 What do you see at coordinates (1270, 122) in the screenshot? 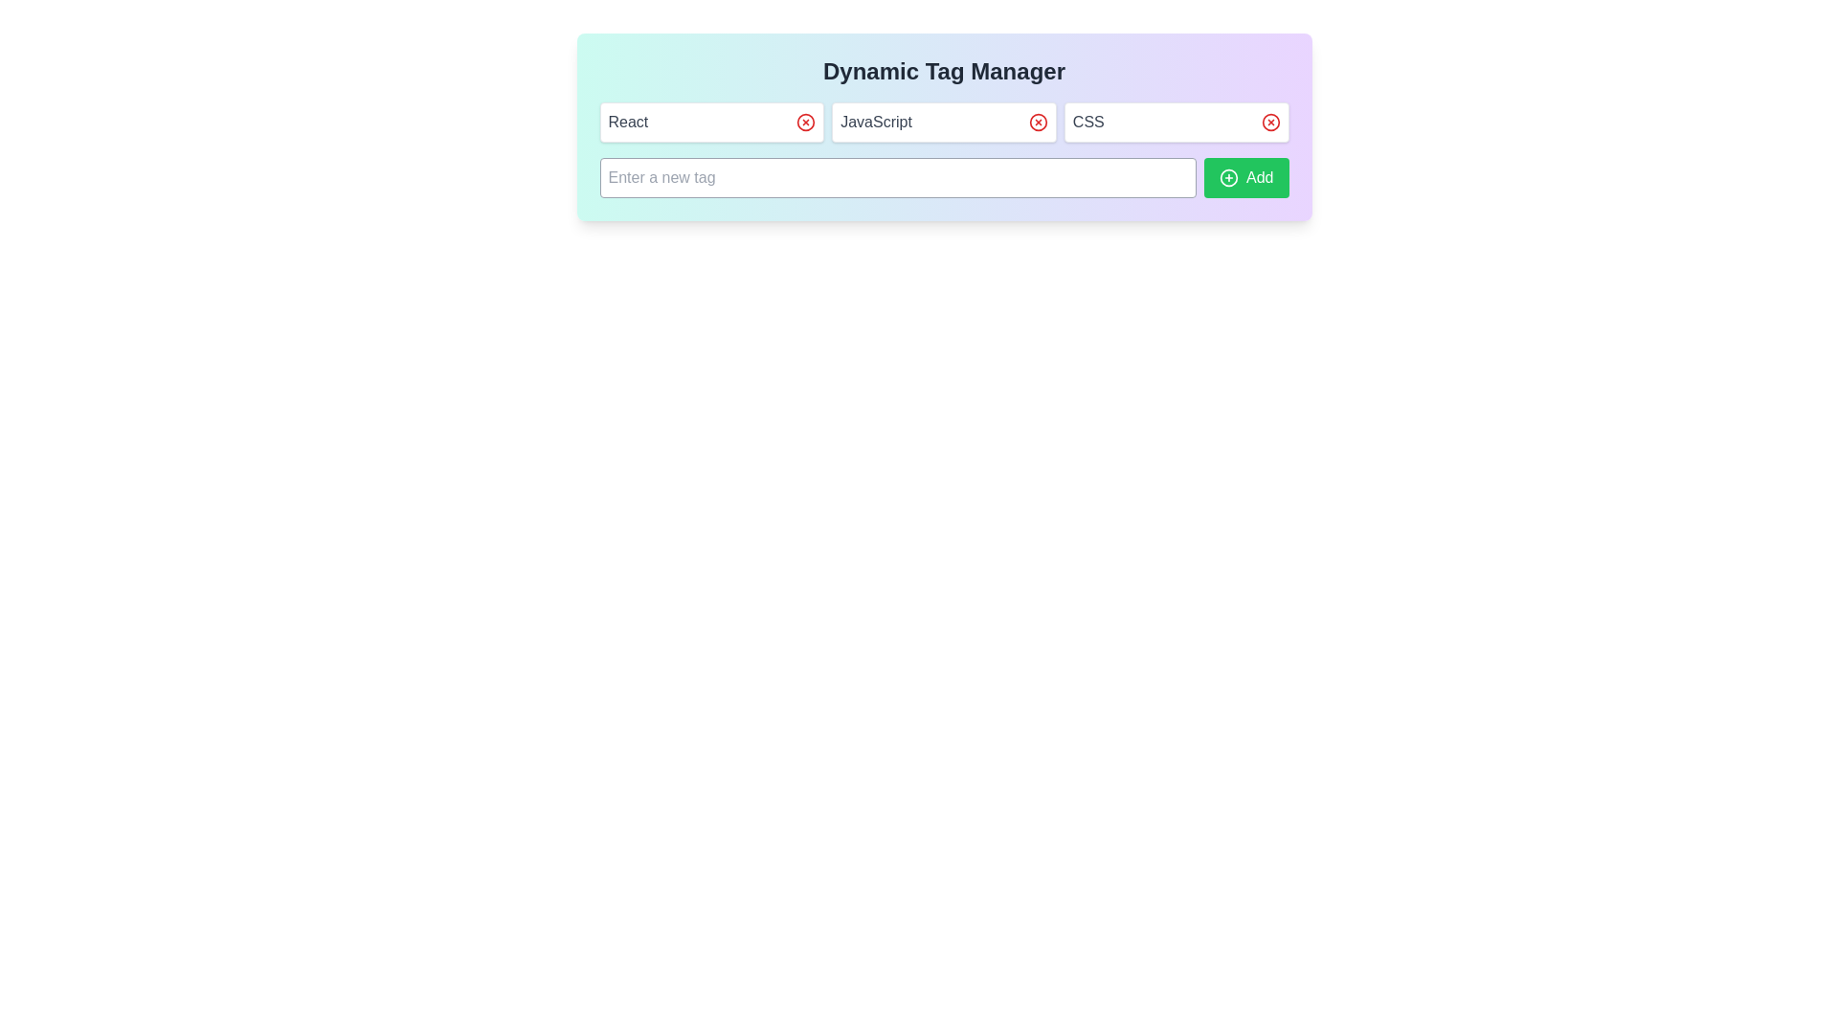
I see `the Remove button for the tag CSS` at bounding box center [1270, 122].